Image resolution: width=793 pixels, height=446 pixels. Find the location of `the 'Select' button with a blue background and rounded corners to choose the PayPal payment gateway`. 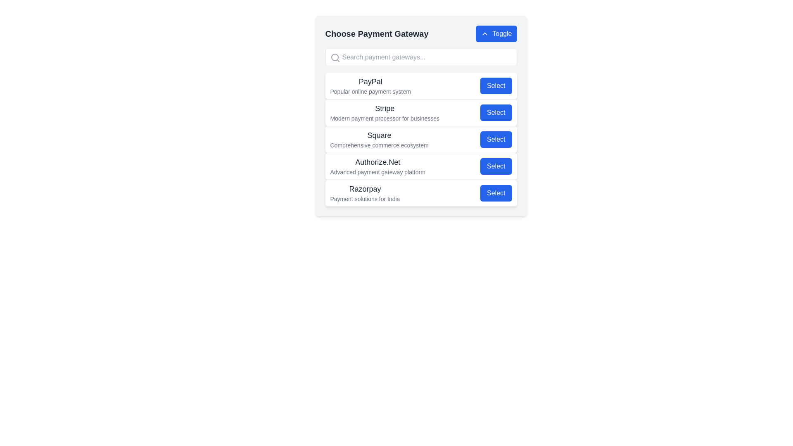

the 'Select' button with a blue background and rounded corners to choose the PayPal payment gateway is located at coordinates (496, 86).